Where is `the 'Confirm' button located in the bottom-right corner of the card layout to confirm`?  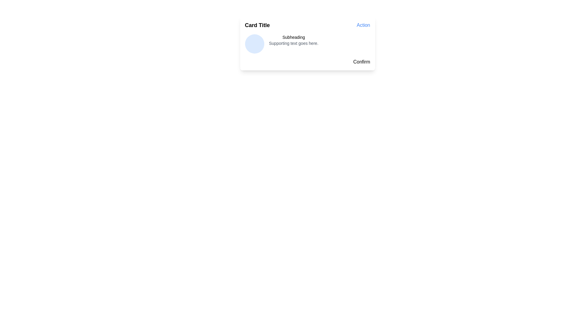 the 'Confirm' button located in the bottom-right corner of the card layout to confirm is located at coordinates (361, 62).